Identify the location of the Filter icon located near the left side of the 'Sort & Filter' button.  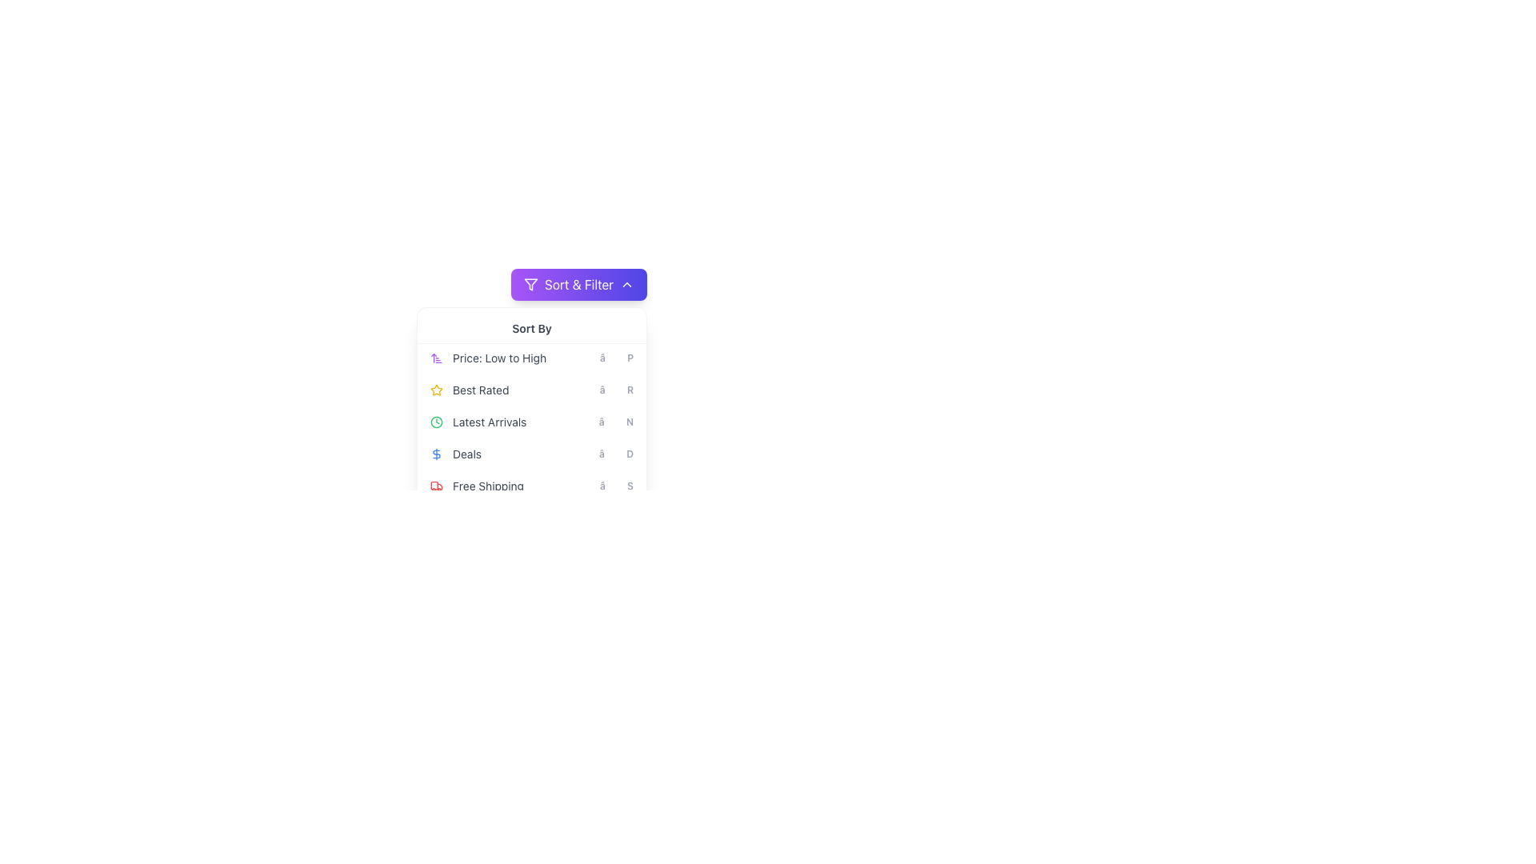
(530, 283).